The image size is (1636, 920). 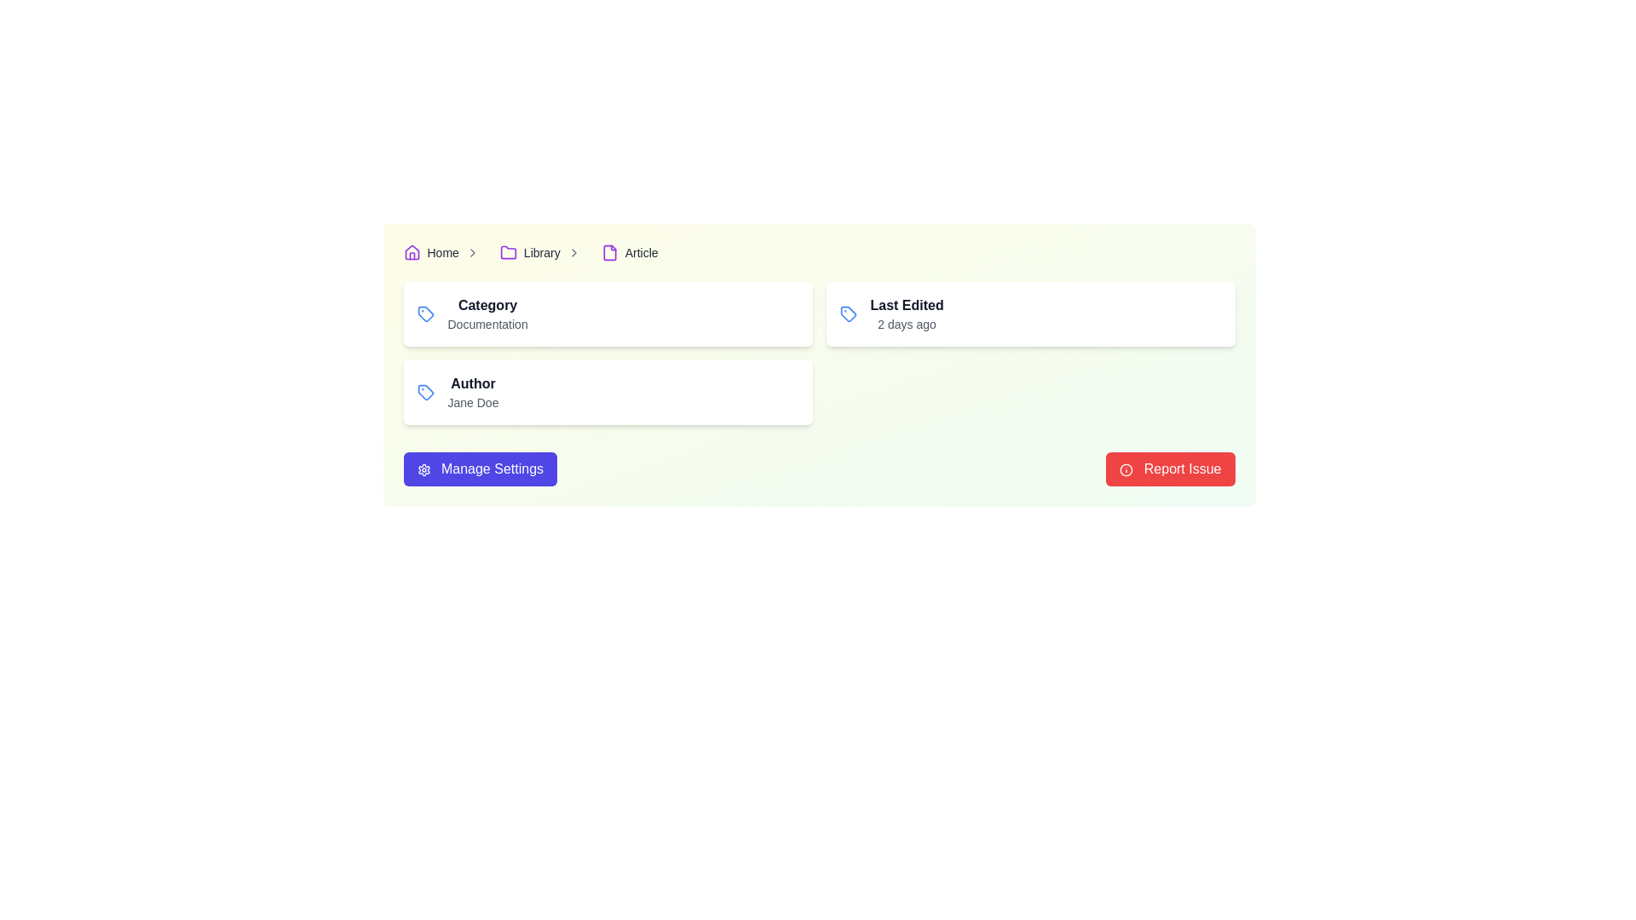 I want to click on the blue tag icon located to the left of the 'Author' text indicating 'Jane Doe' within the card titled 'Author', so click(x=425, y=393).